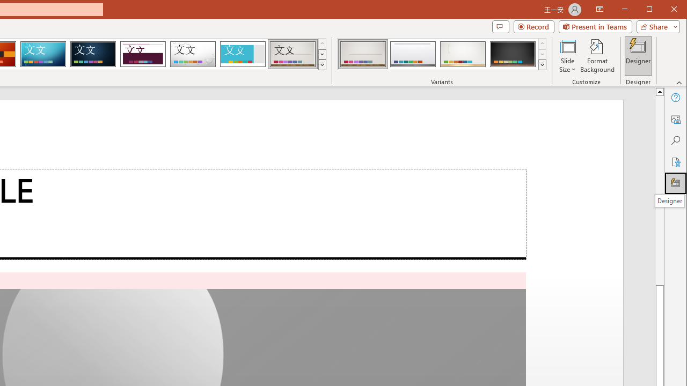 Image resolution: width=687 pixels, height=386 pixels. I want to click on 'Variants', so click(542, 64).